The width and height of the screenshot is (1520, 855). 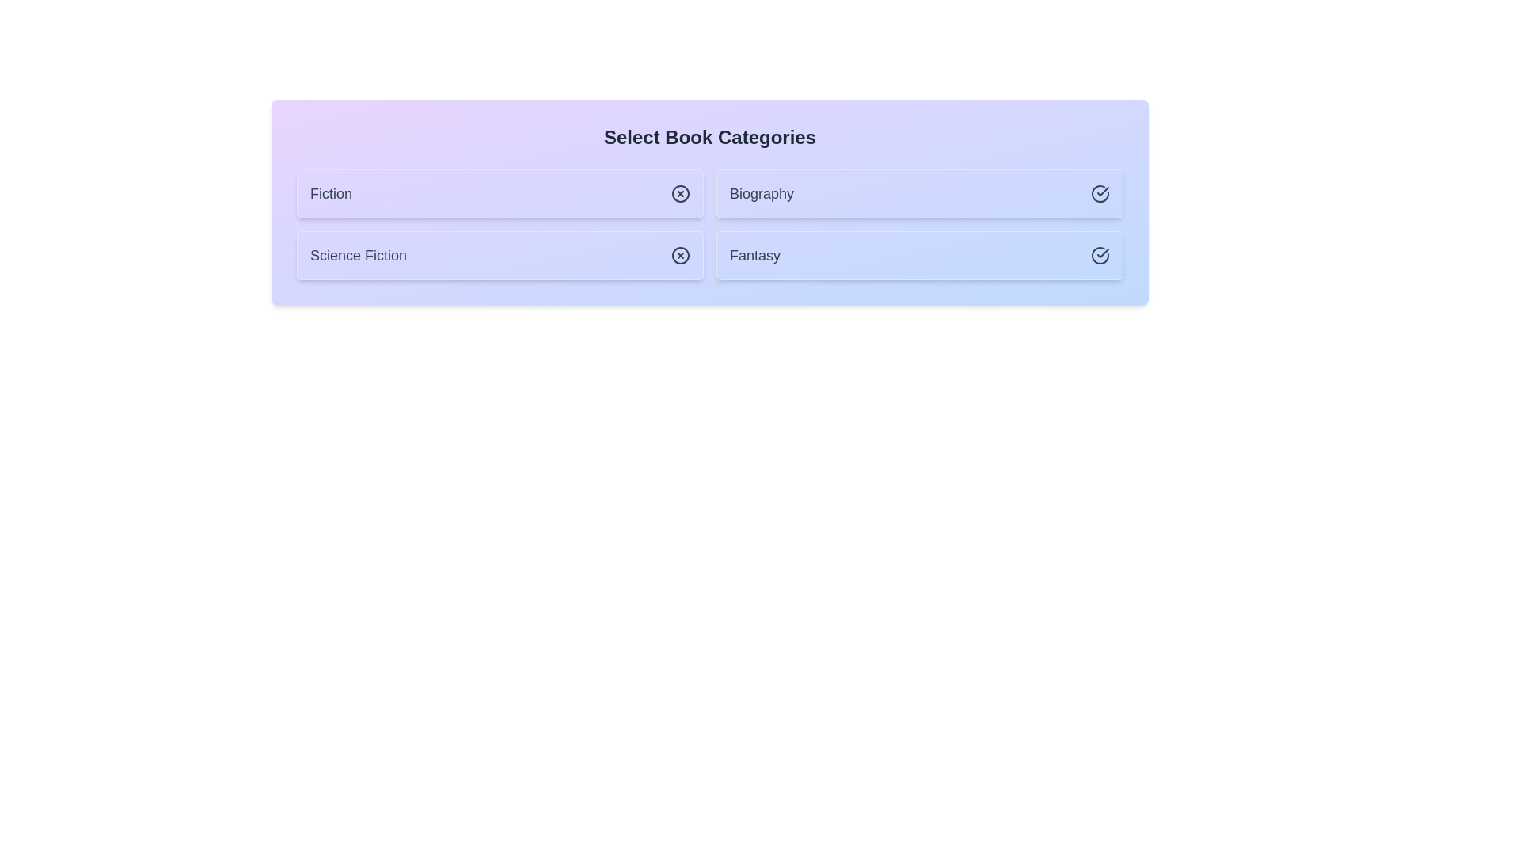 I want to click on the chip labeled Fiction, so click(x=500, y=193).